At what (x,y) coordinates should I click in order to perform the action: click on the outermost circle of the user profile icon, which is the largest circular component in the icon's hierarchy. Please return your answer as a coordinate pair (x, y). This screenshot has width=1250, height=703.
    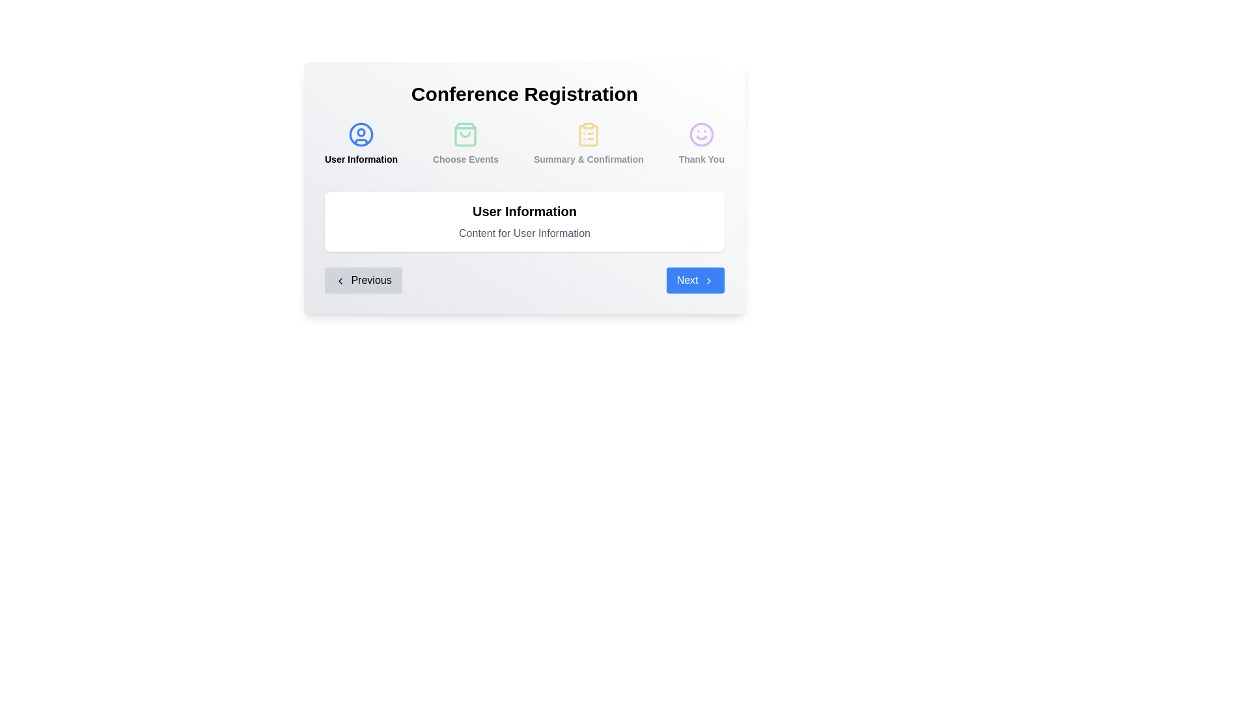
    Looking at the image, I should click on (361, 135).